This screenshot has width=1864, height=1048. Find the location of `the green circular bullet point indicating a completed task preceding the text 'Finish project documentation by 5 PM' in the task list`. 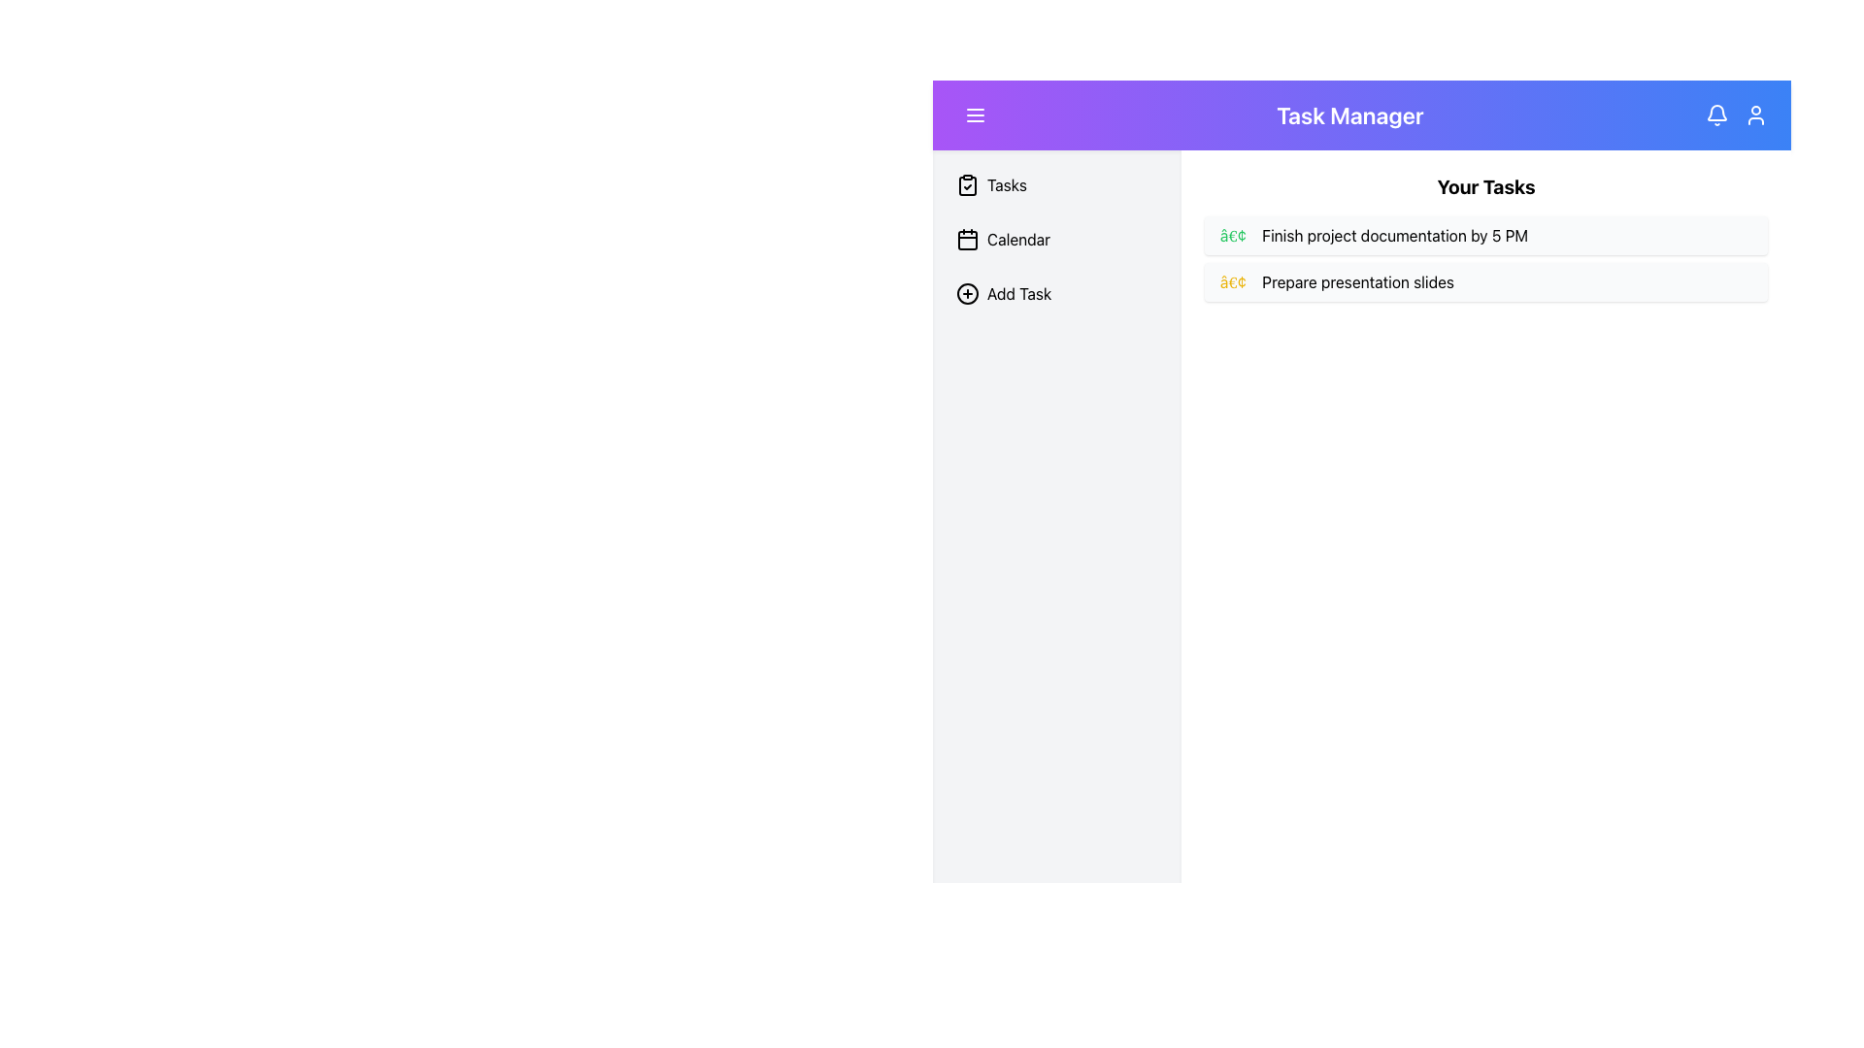

the green circular bullet point indicating a completed task preceding the text 'Finish project documentation by 5 PM' in the task list is located at coordinates (1232, 235).